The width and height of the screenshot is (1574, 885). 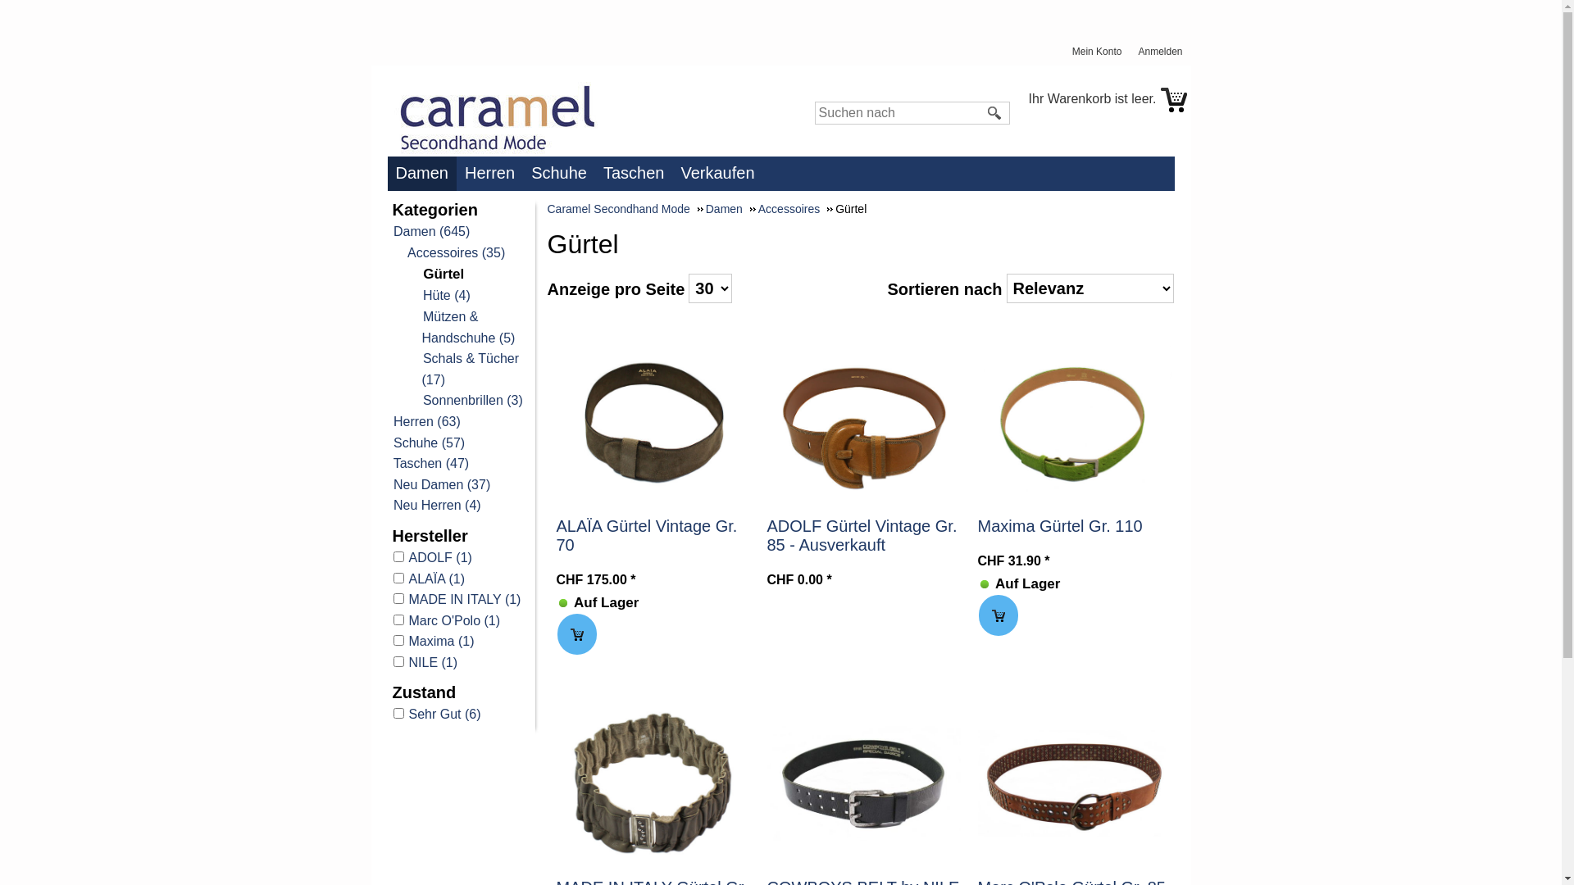 I want to click on 'Accessoires (35)', so click(x=456, y=252).